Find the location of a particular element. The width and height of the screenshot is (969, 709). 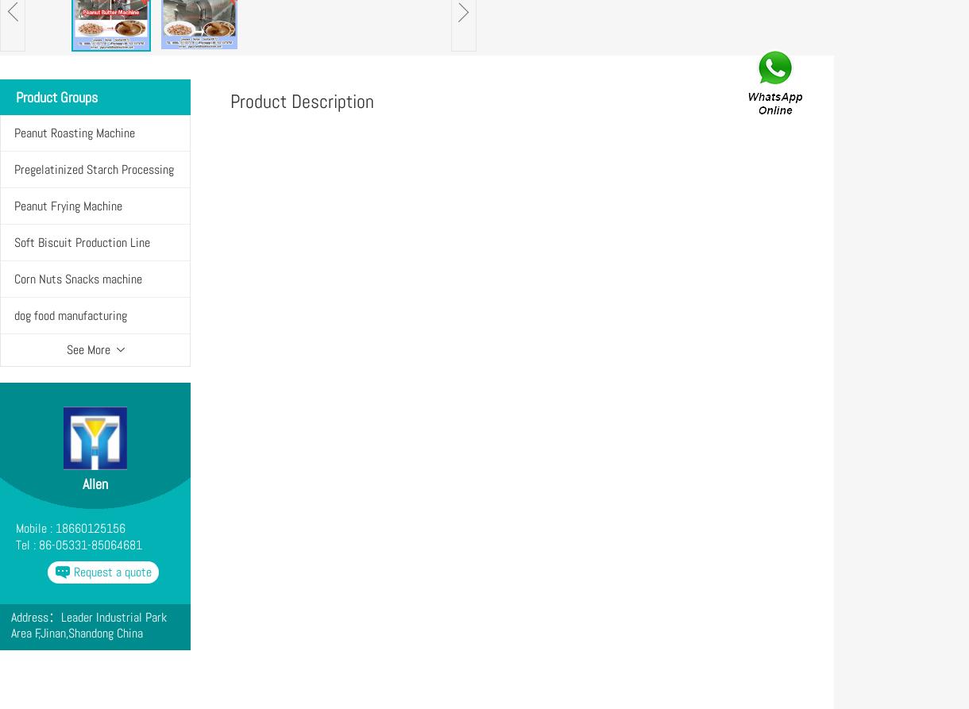

'Tel : 86-05331-85064681' is located at coordinates (78, 545).